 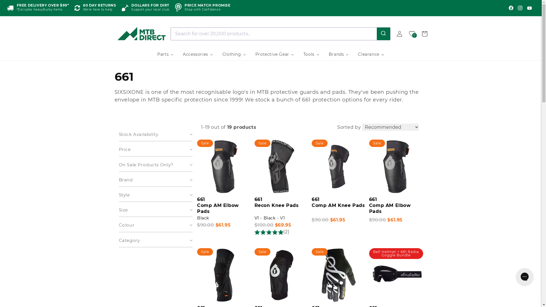 I want to click on 'Comp AM Elbow Pads', so click(x=369, y=208).